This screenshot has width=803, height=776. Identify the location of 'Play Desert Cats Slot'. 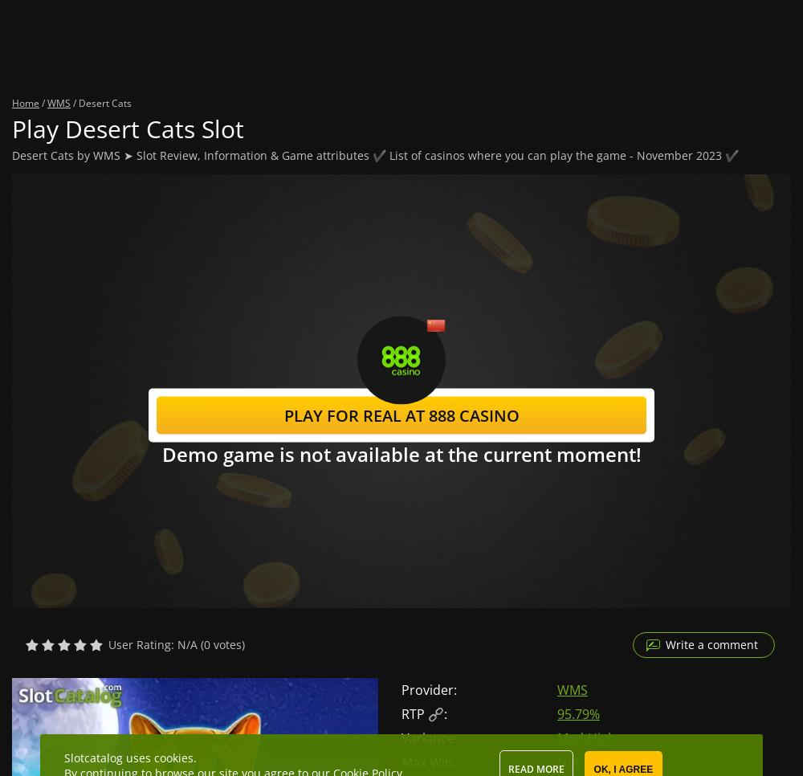
(128, 128).